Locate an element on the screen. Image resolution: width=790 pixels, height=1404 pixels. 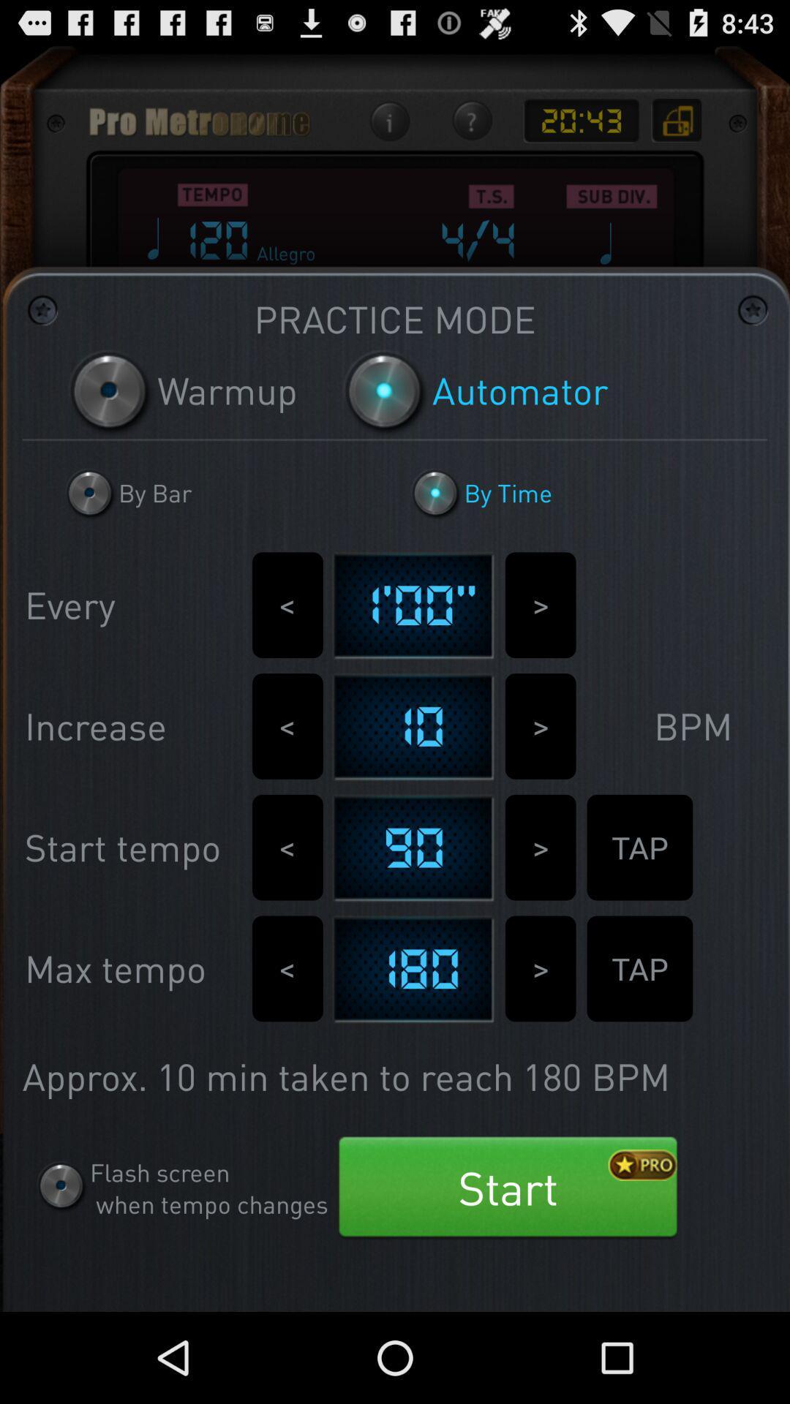
the help icon is located at coordinates (471, 129).